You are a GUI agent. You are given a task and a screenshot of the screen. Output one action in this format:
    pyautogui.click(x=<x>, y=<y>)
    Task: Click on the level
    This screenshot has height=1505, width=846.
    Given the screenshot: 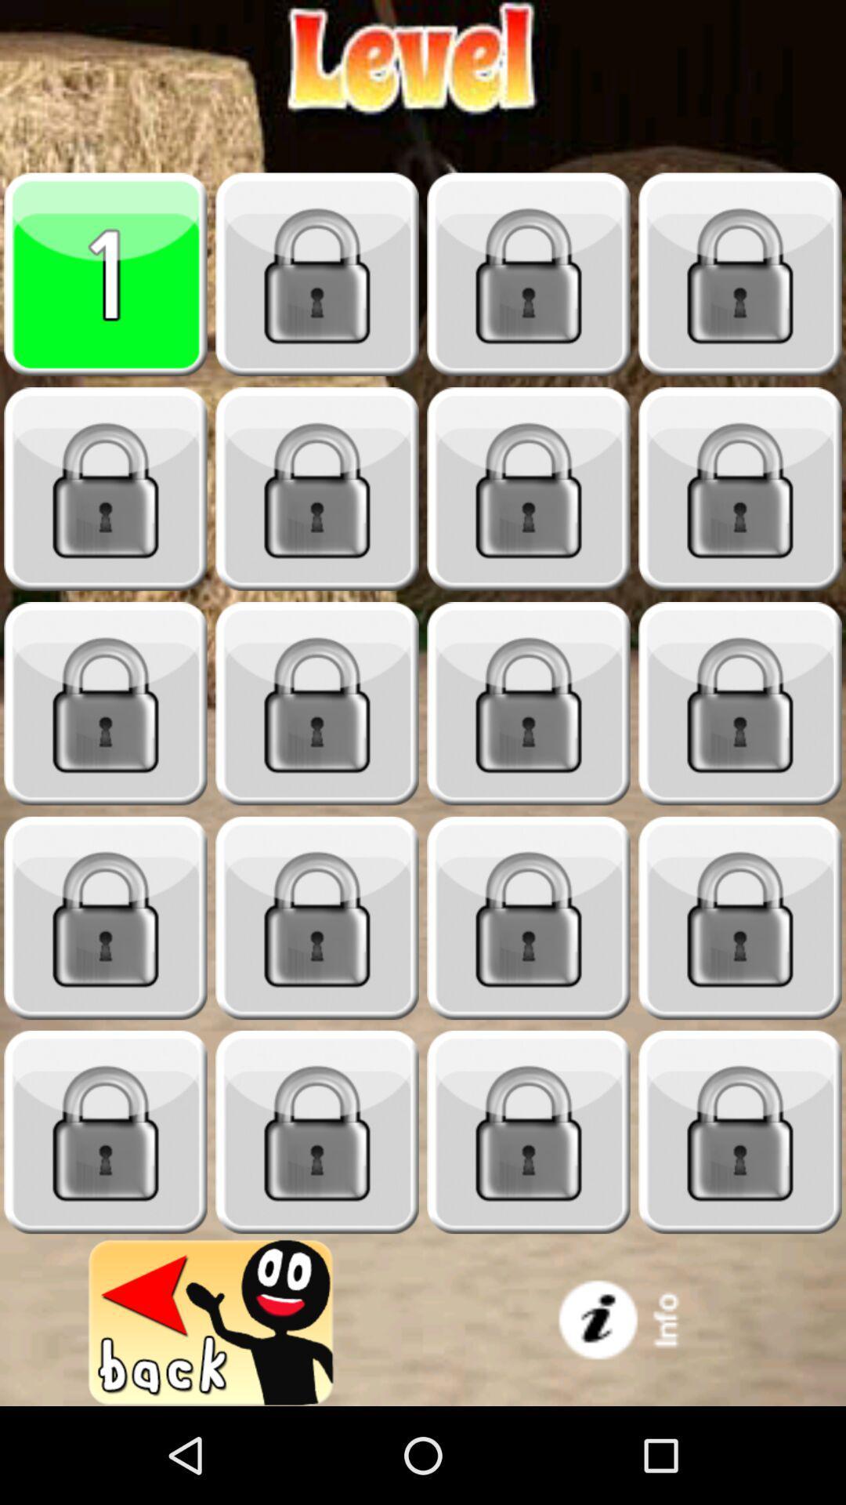 What is the action you would take?
    pyautogui.click(x=740, y=703)
    